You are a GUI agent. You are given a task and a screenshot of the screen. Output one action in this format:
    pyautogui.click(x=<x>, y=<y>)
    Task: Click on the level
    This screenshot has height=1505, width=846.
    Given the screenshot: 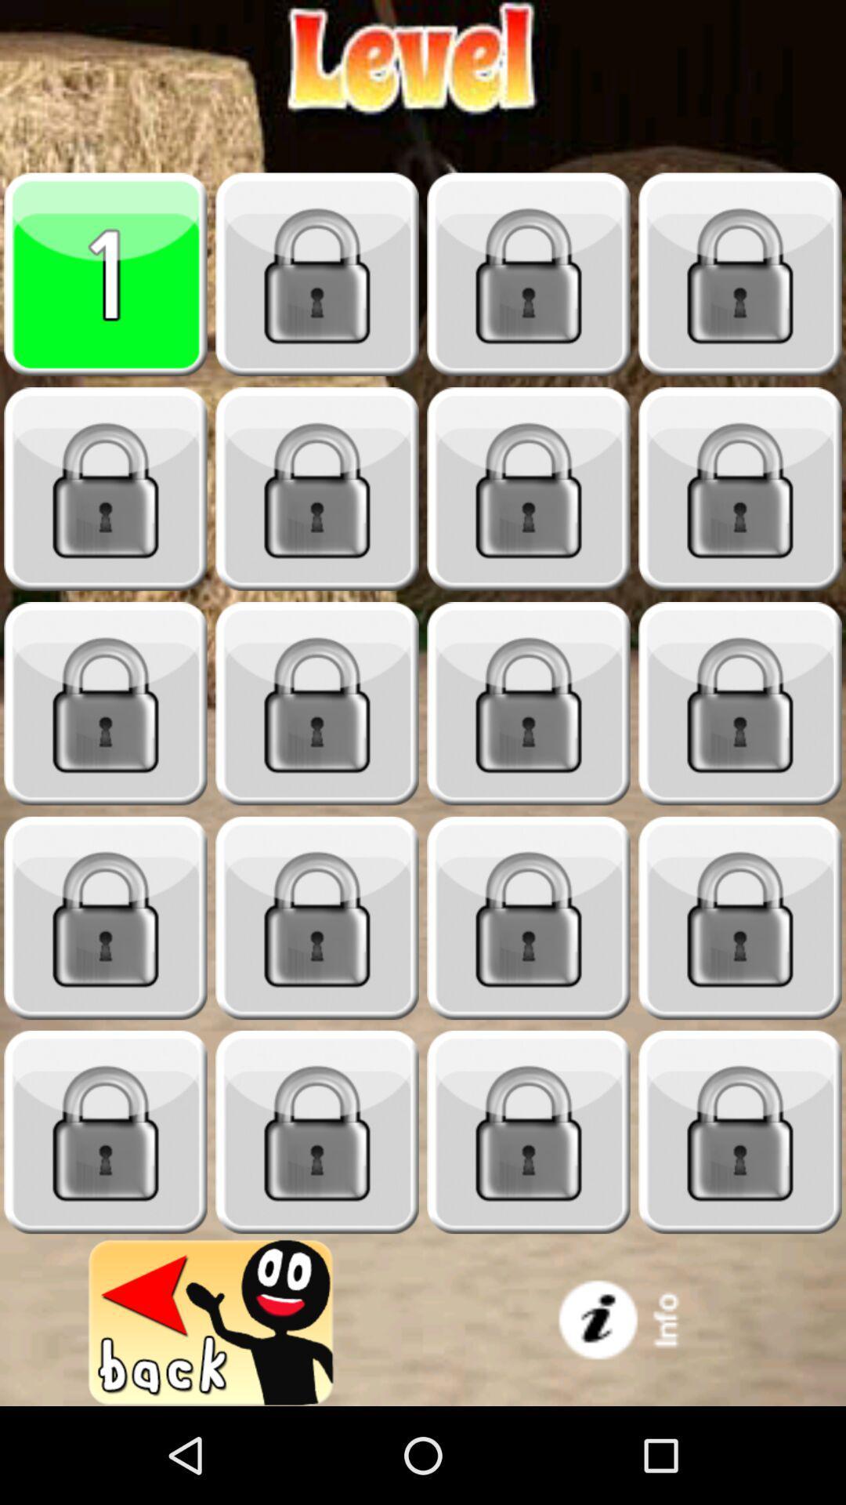 What is the action you would take?
    pyautogui.click(x=740, y=703)
    